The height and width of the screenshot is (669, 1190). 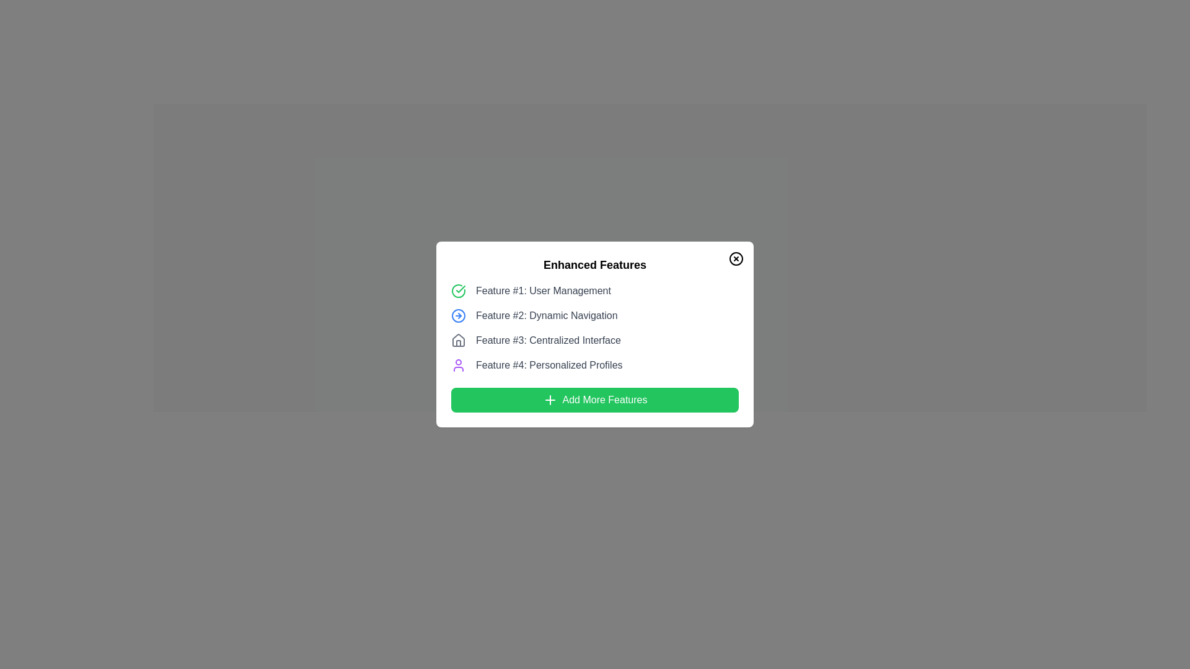 I want to click on the label indicating the name or title of the feature located in the fourth item of the 'Enhanced Features' list in the modal, positioned under 'Feature #3: Centralized Interface' and above the '+ Add More Features' button, so click(x=549, y=365).